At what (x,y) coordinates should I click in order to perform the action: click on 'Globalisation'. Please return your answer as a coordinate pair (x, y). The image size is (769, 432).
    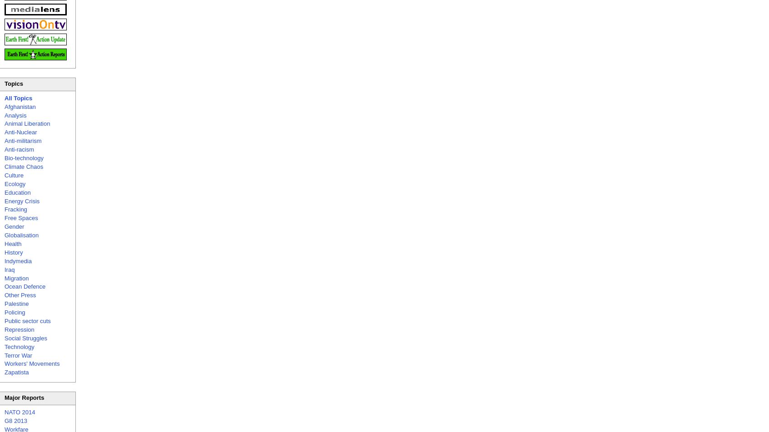
    Looking at the image, I should click on (21, 235).